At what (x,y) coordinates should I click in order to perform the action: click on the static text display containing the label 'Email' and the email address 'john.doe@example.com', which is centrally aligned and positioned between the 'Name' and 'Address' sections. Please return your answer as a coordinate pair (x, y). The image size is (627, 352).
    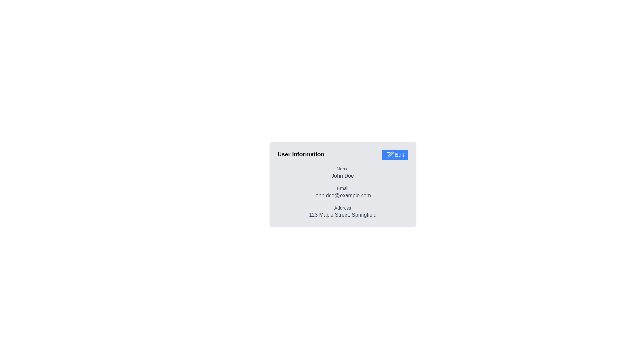
    Looking at the image, I should click on (342, 192).